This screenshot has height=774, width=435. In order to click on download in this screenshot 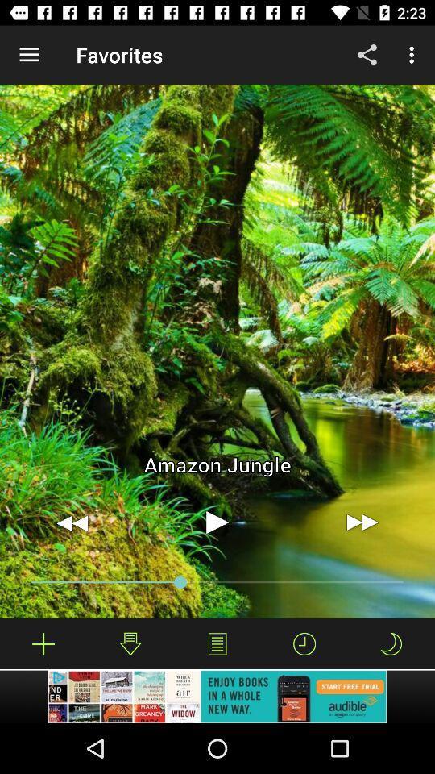, I will do `click(130, 643)`.